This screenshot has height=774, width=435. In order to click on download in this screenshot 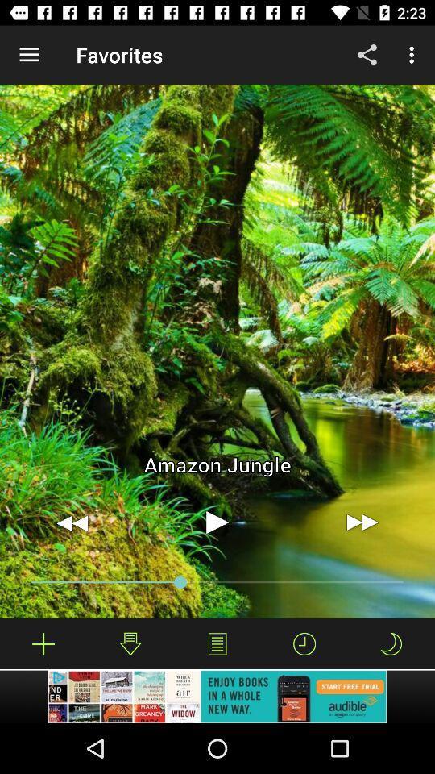, I will do `click(130, 643)`.